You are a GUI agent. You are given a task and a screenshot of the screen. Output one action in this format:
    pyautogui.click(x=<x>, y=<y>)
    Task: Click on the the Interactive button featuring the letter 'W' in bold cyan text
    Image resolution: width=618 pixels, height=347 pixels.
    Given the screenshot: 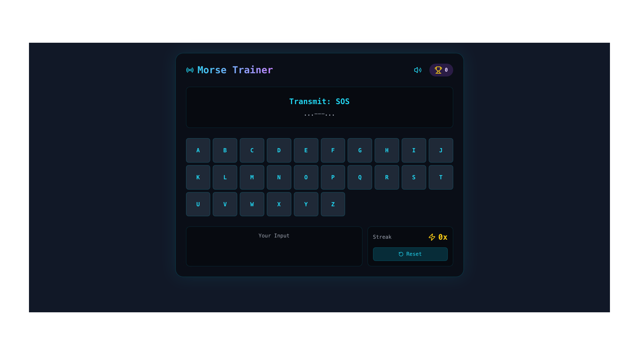 What is the action you would take?
    pyautogui.click(x=251, y=204)
    